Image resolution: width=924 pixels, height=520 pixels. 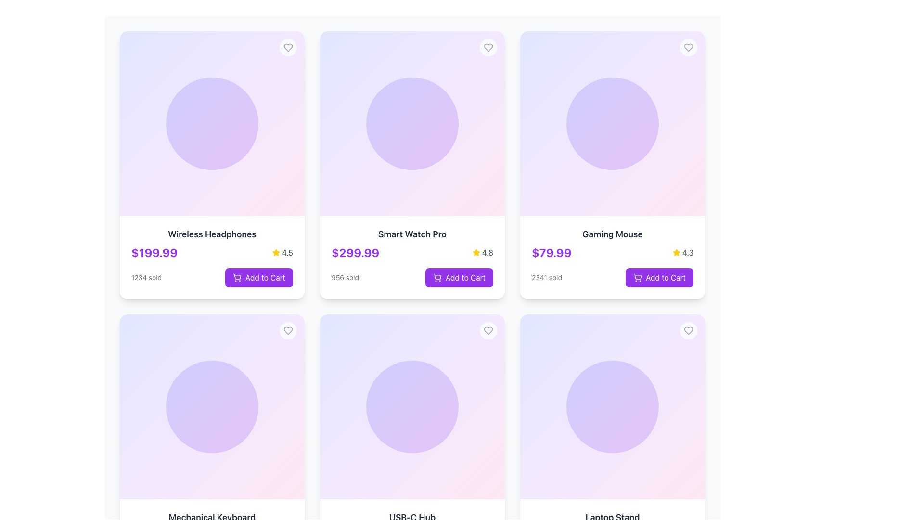 I want to click on the 'Add to Cart' text label within the interactive button for the 'Gaming Mouse' product to observe interactive styles, so click(x=665, y=278).